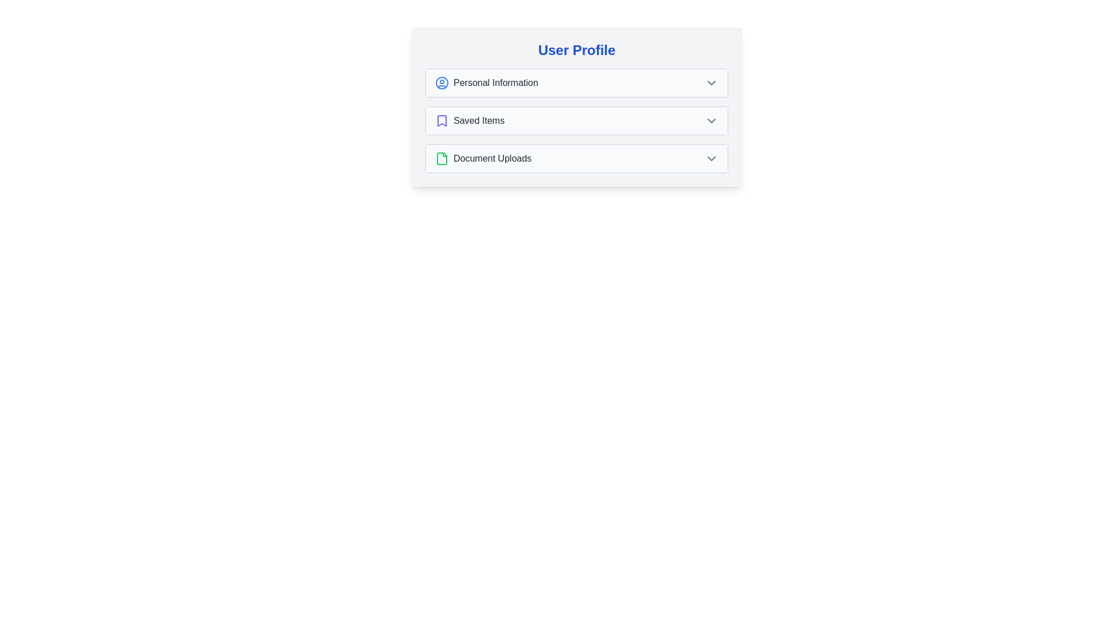 The image size is (1101, 619). Describe the element at coordinates (470, 121) in the screenshot. I see `the second option` at that location.